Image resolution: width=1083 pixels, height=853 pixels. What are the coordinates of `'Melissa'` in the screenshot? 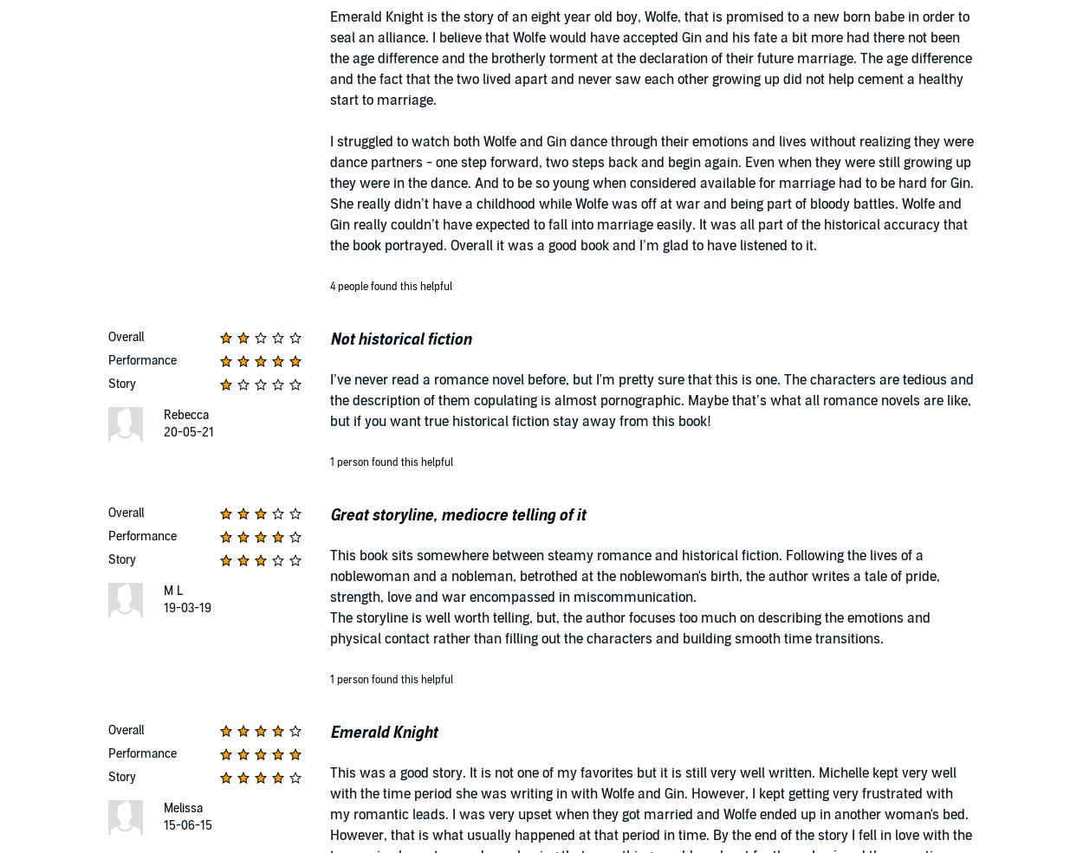 It's located at (182, 808).